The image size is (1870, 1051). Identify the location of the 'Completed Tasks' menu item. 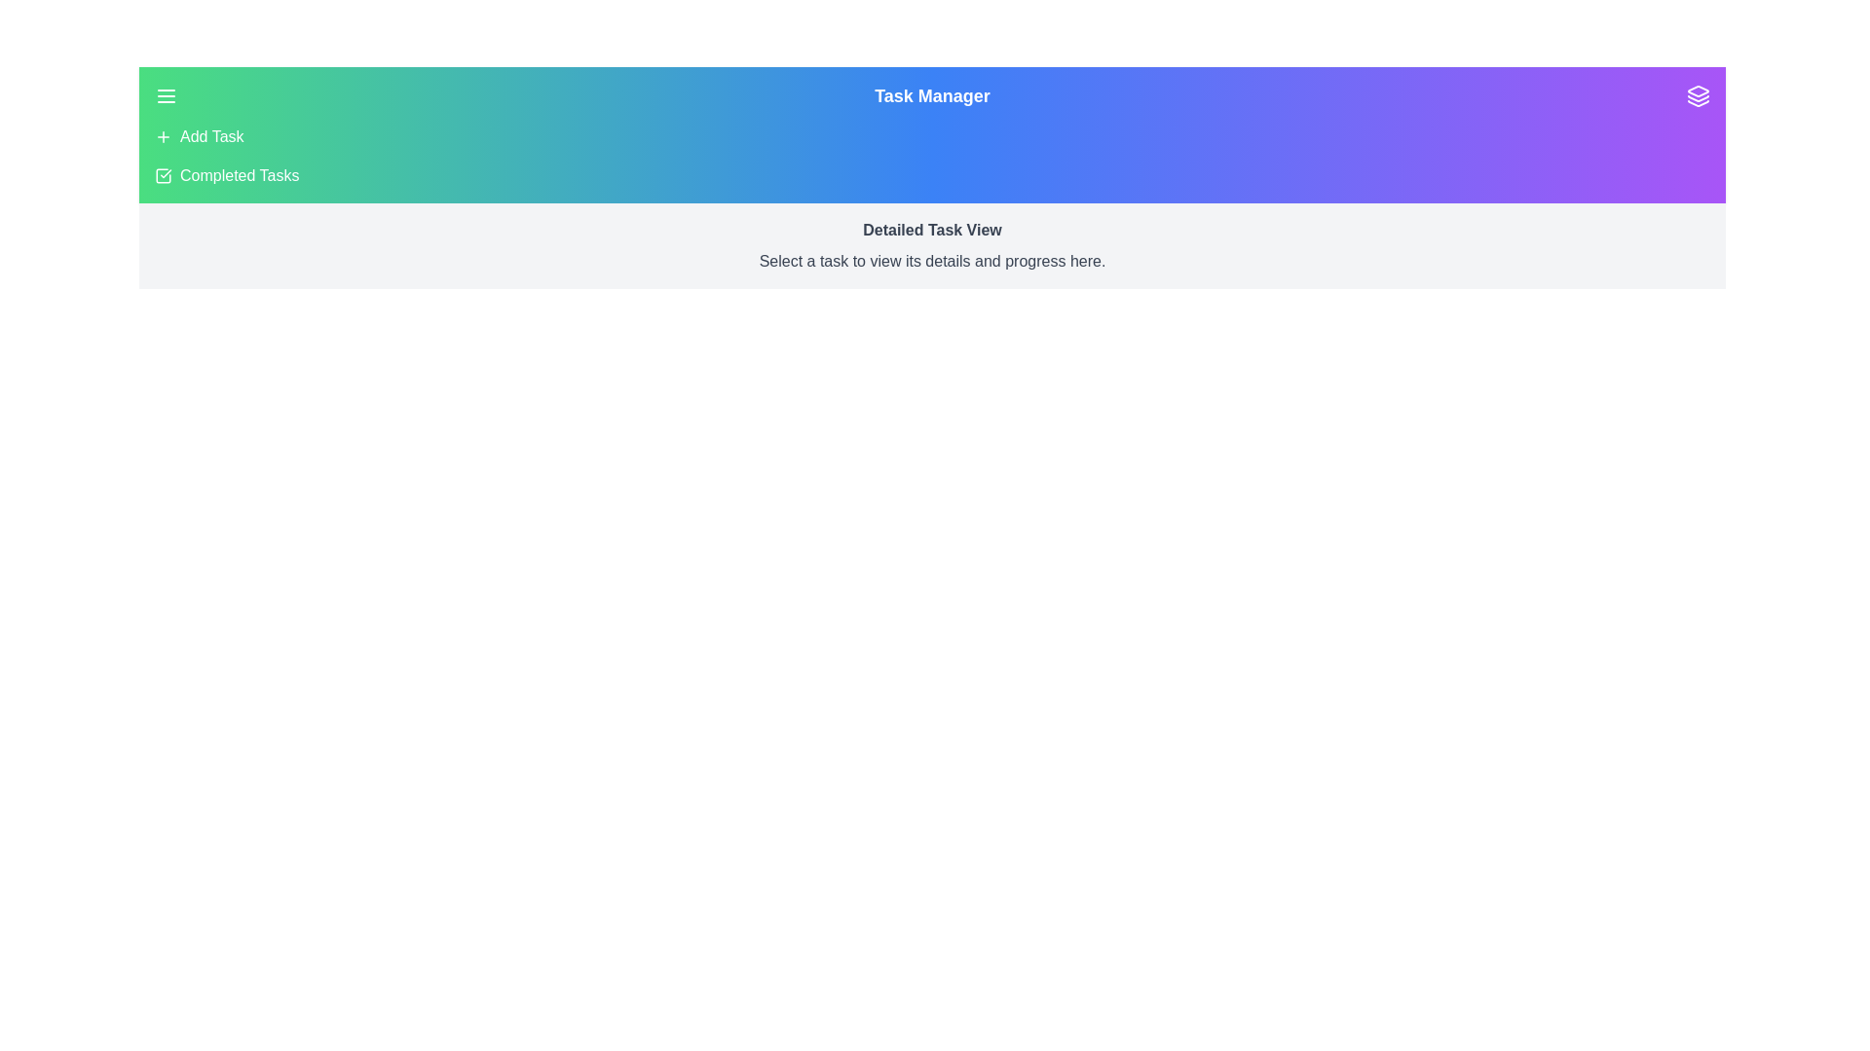
(164, 176).